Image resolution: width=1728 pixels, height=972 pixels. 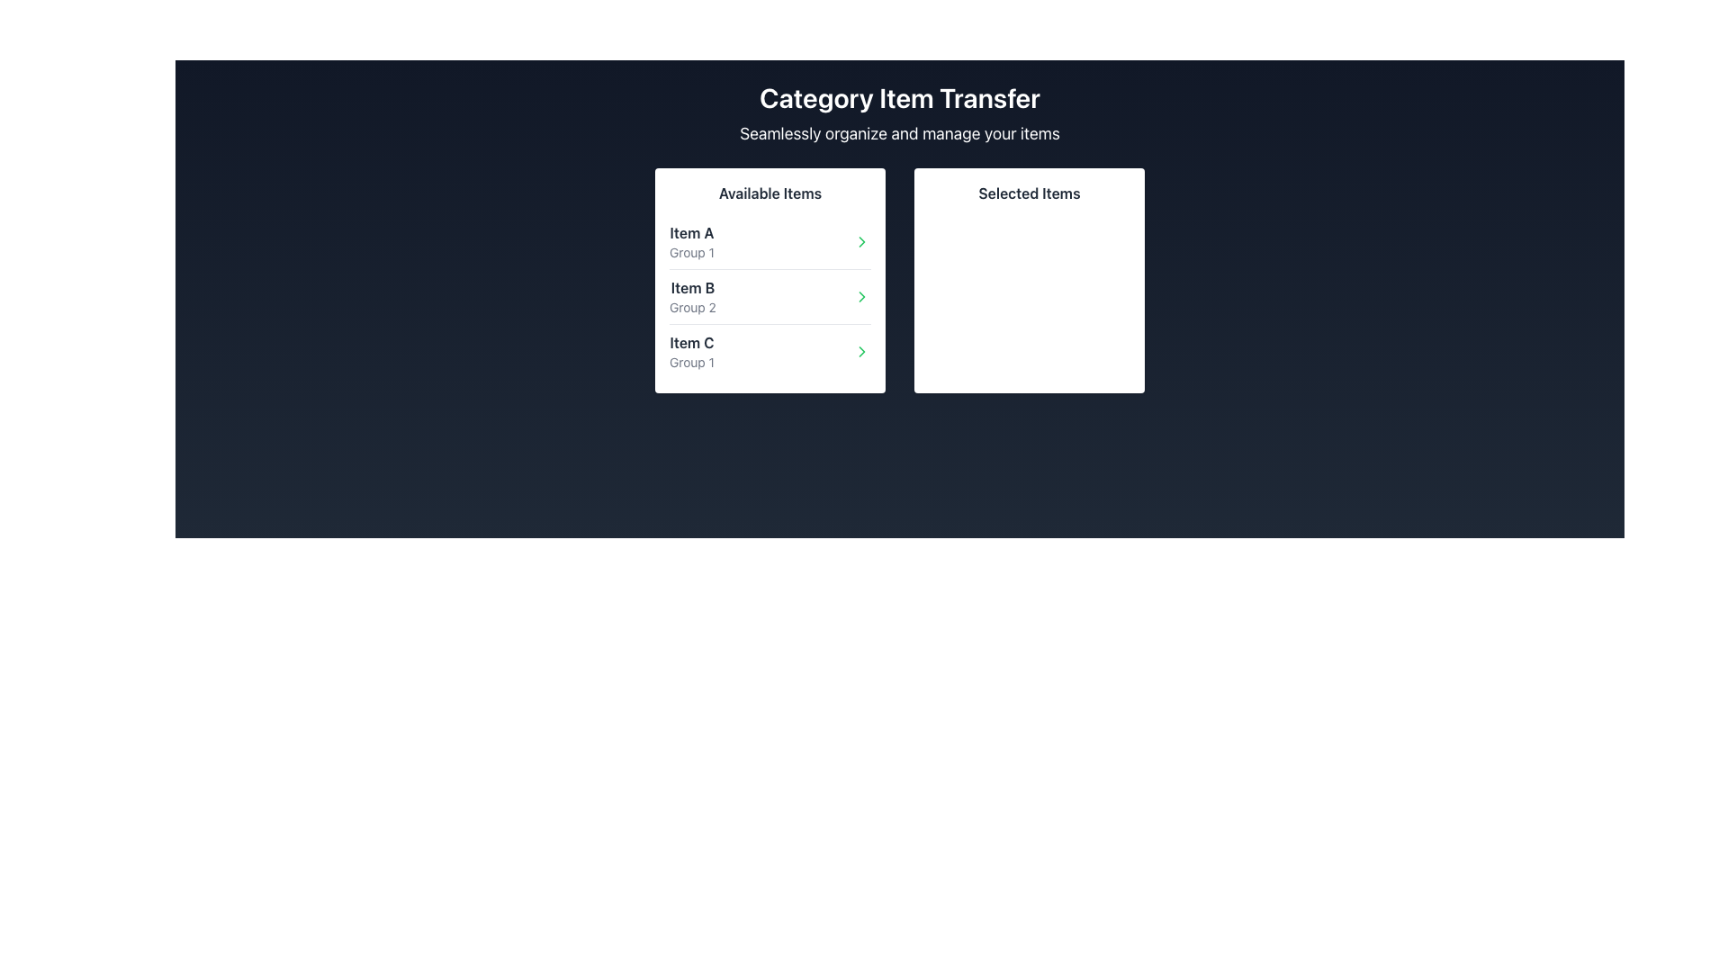 I want to click on the bolded text label 'Item A' located in the 'Available Items' section, which is the first item in the list, so click(x=690, y=231).